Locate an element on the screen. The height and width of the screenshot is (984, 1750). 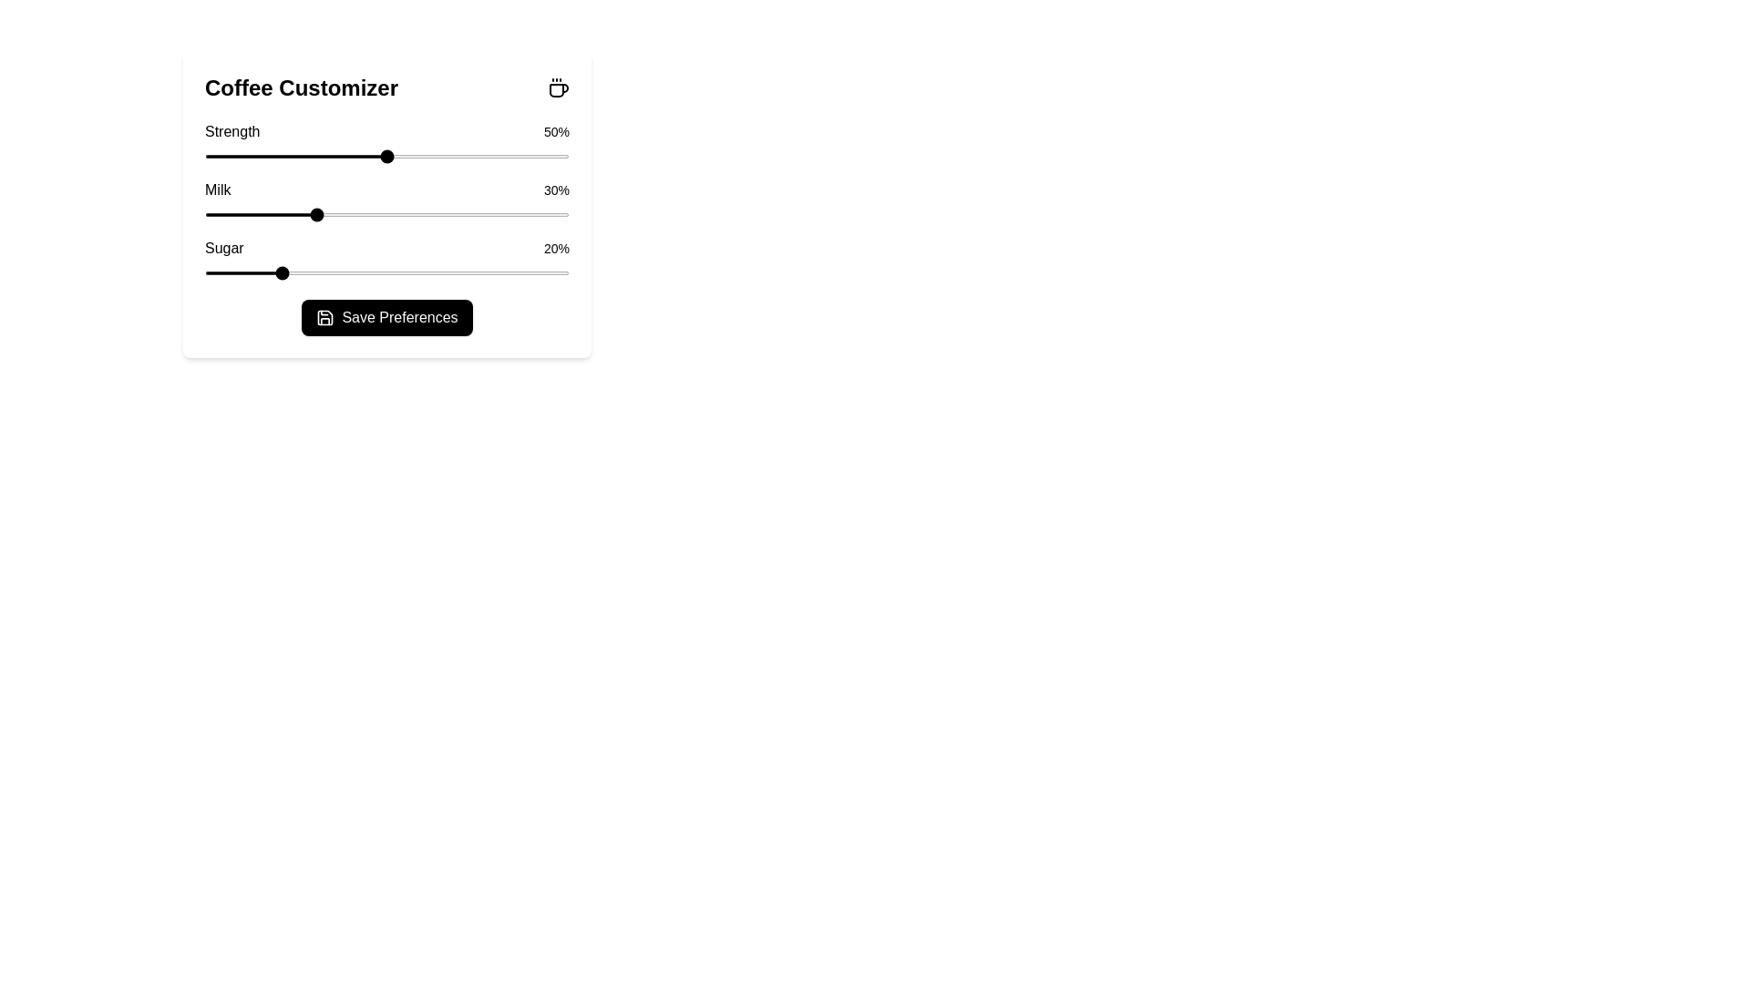
the strength slider is located at coordinates (396, 156).